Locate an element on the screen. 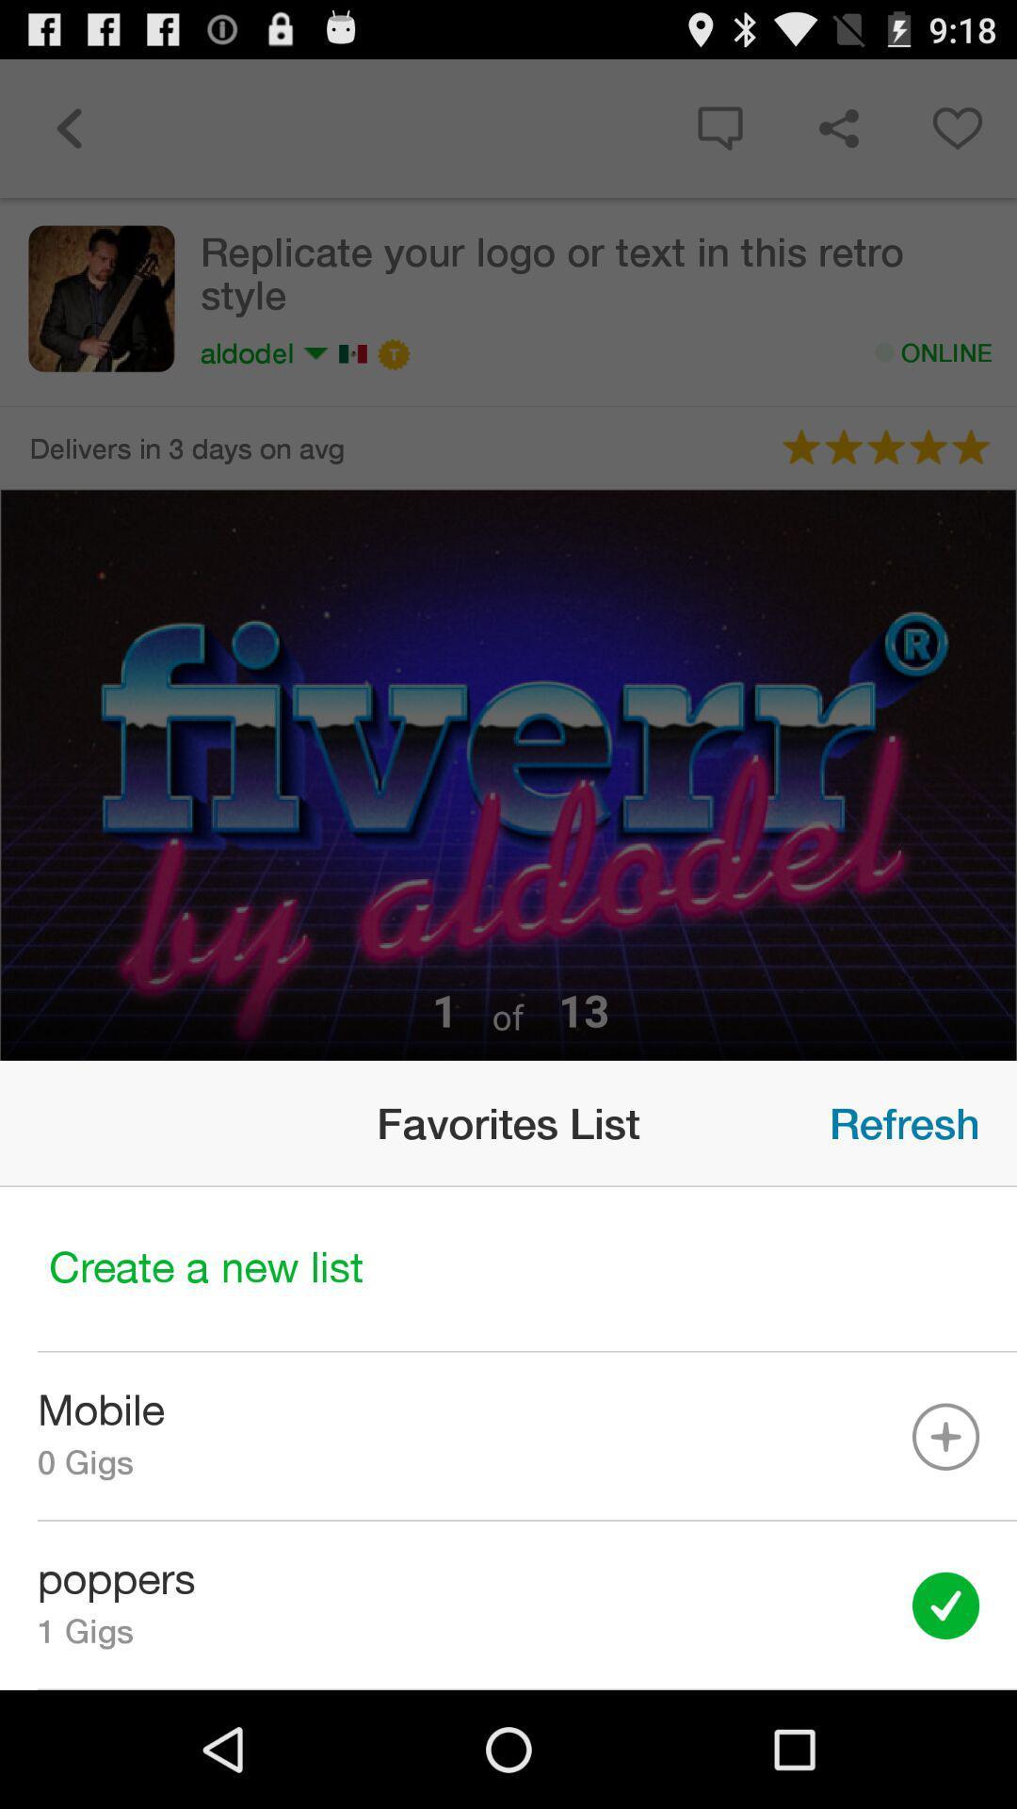  a list is located at coordinates (508, 1269).